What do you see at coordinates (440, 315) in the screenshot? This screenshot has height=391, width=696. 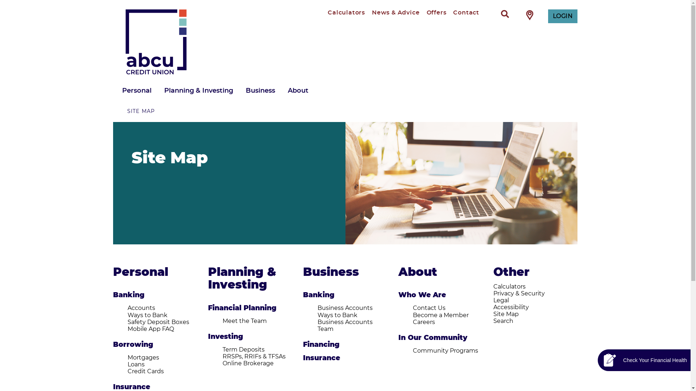 I see `'Become a Member'` at bounding box center [440, 315].